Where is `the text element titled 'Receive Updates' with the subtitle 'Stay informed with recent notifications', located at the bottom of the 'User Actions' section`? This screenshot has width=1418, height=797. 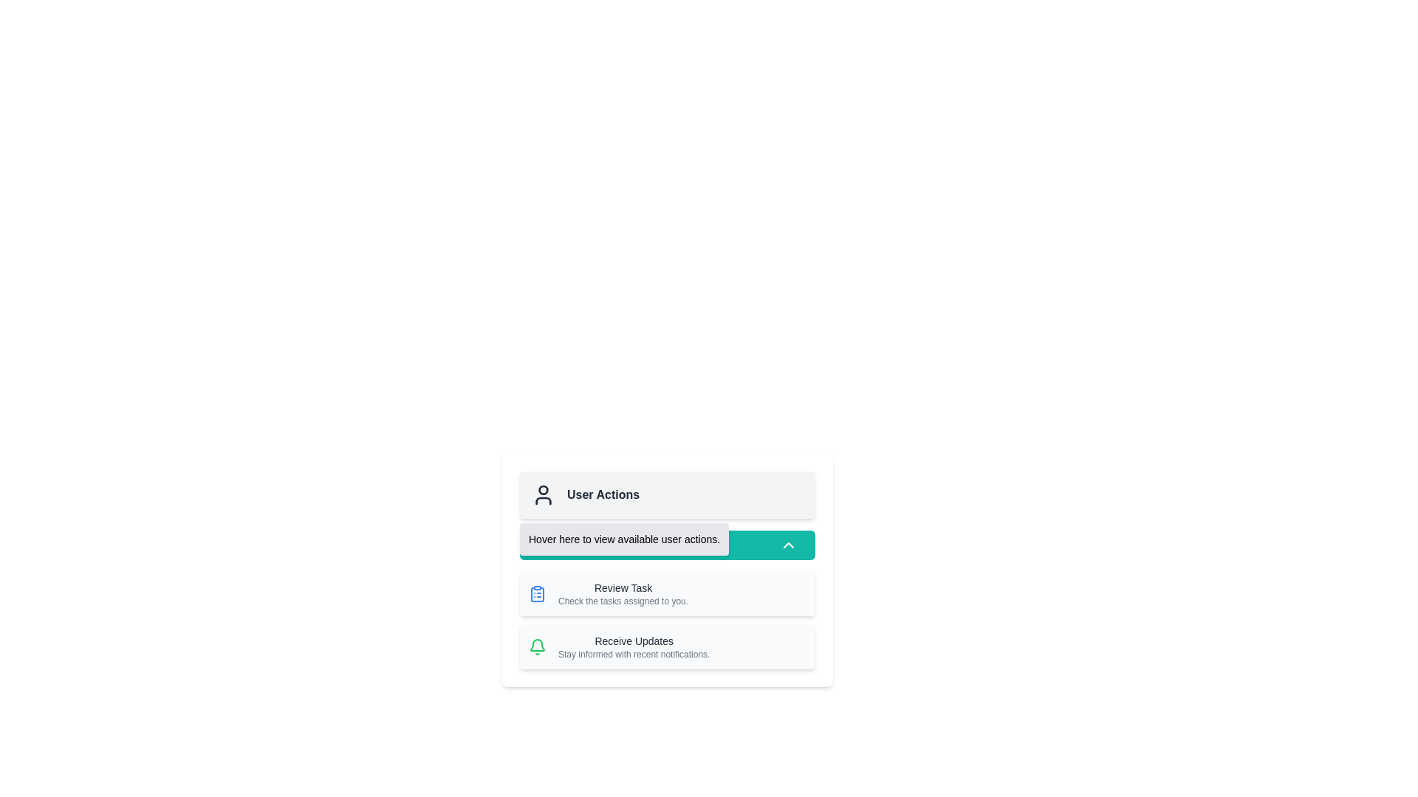
the text element titled 'Receive Updates' with the subtitle 'Stay informed with recent notifications', located at the bottom of the 'User Actions' section is located at coordinates (634, 646).